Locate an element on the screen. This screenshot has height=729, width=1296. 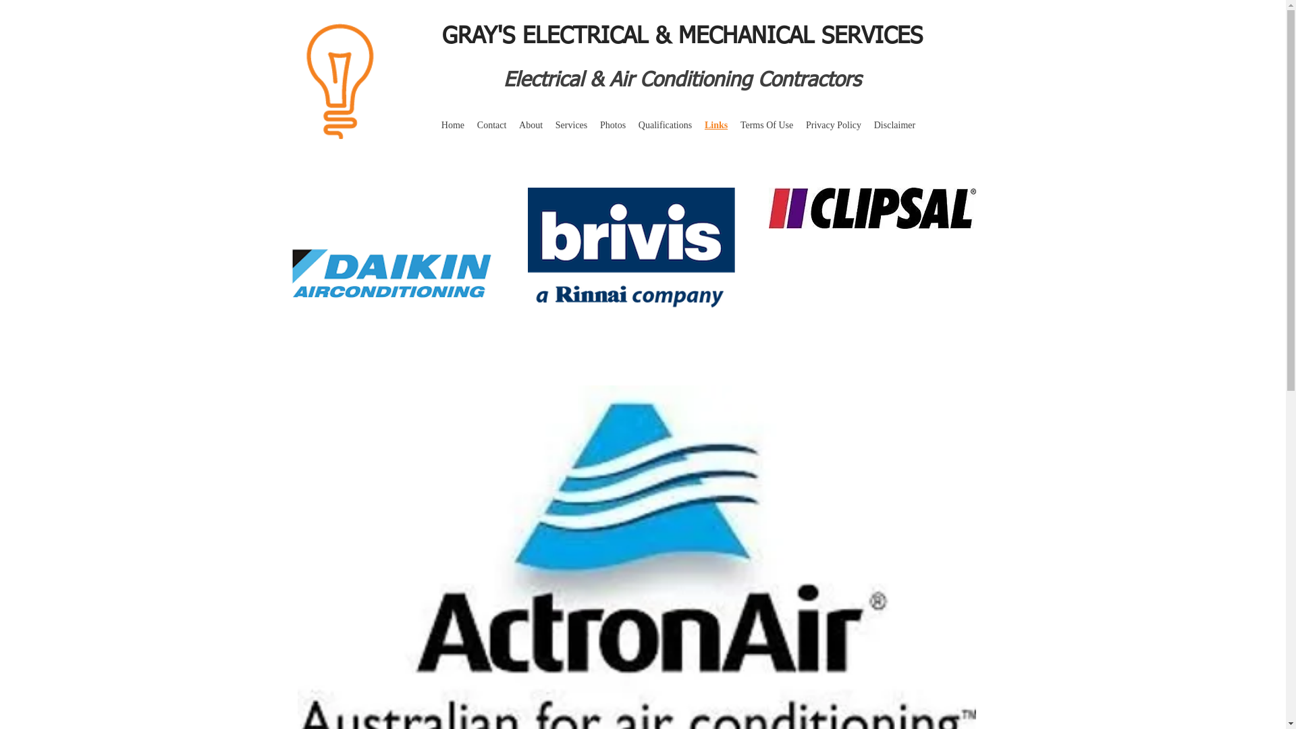
'Privacy Policy' is located at coordinates (833, 125).